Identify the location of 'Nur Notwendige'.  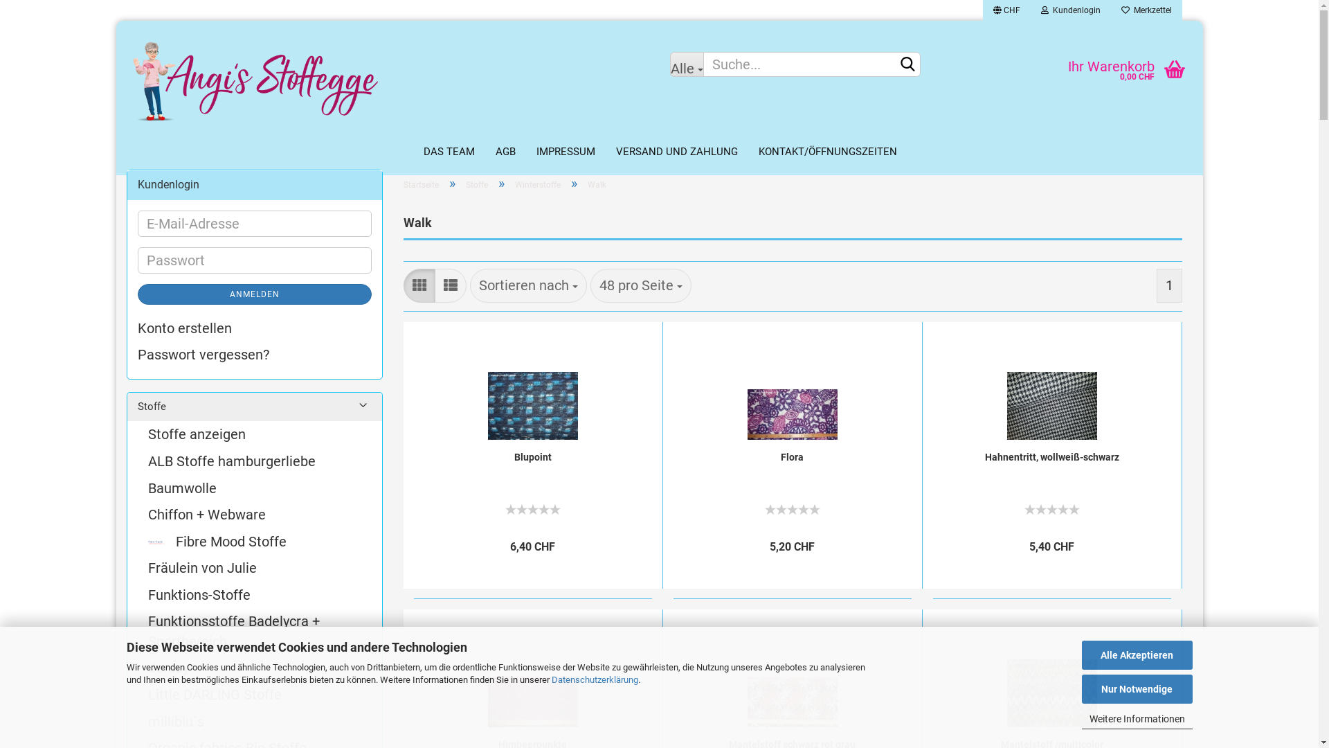
(1080, 689).